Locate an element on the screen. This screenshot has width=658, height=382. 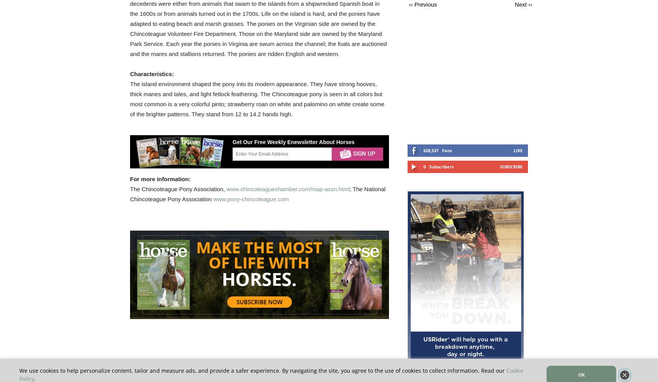
'Get Our Free Weekly Enewsletter About Horses' is located at coordinates (293, 141).